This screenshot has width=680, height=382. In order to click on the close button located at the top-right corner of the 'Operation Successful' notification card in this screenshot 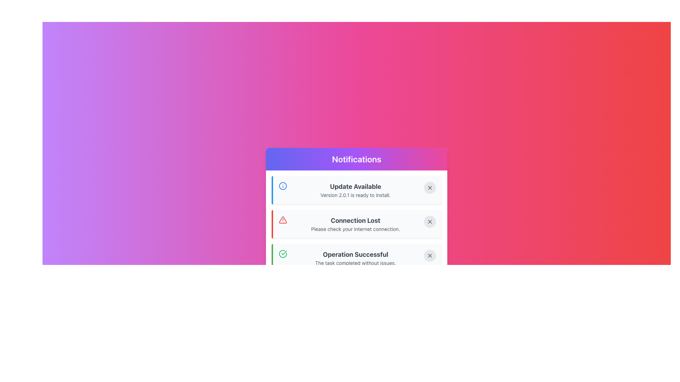, I will do `click(430, 255)`.